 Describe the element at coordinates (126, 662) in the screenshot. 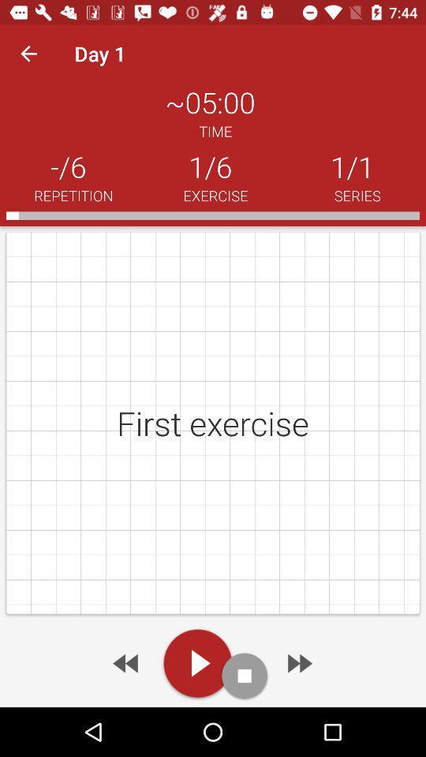

I see `the previous arrow button at the bottom of the page` at that location.